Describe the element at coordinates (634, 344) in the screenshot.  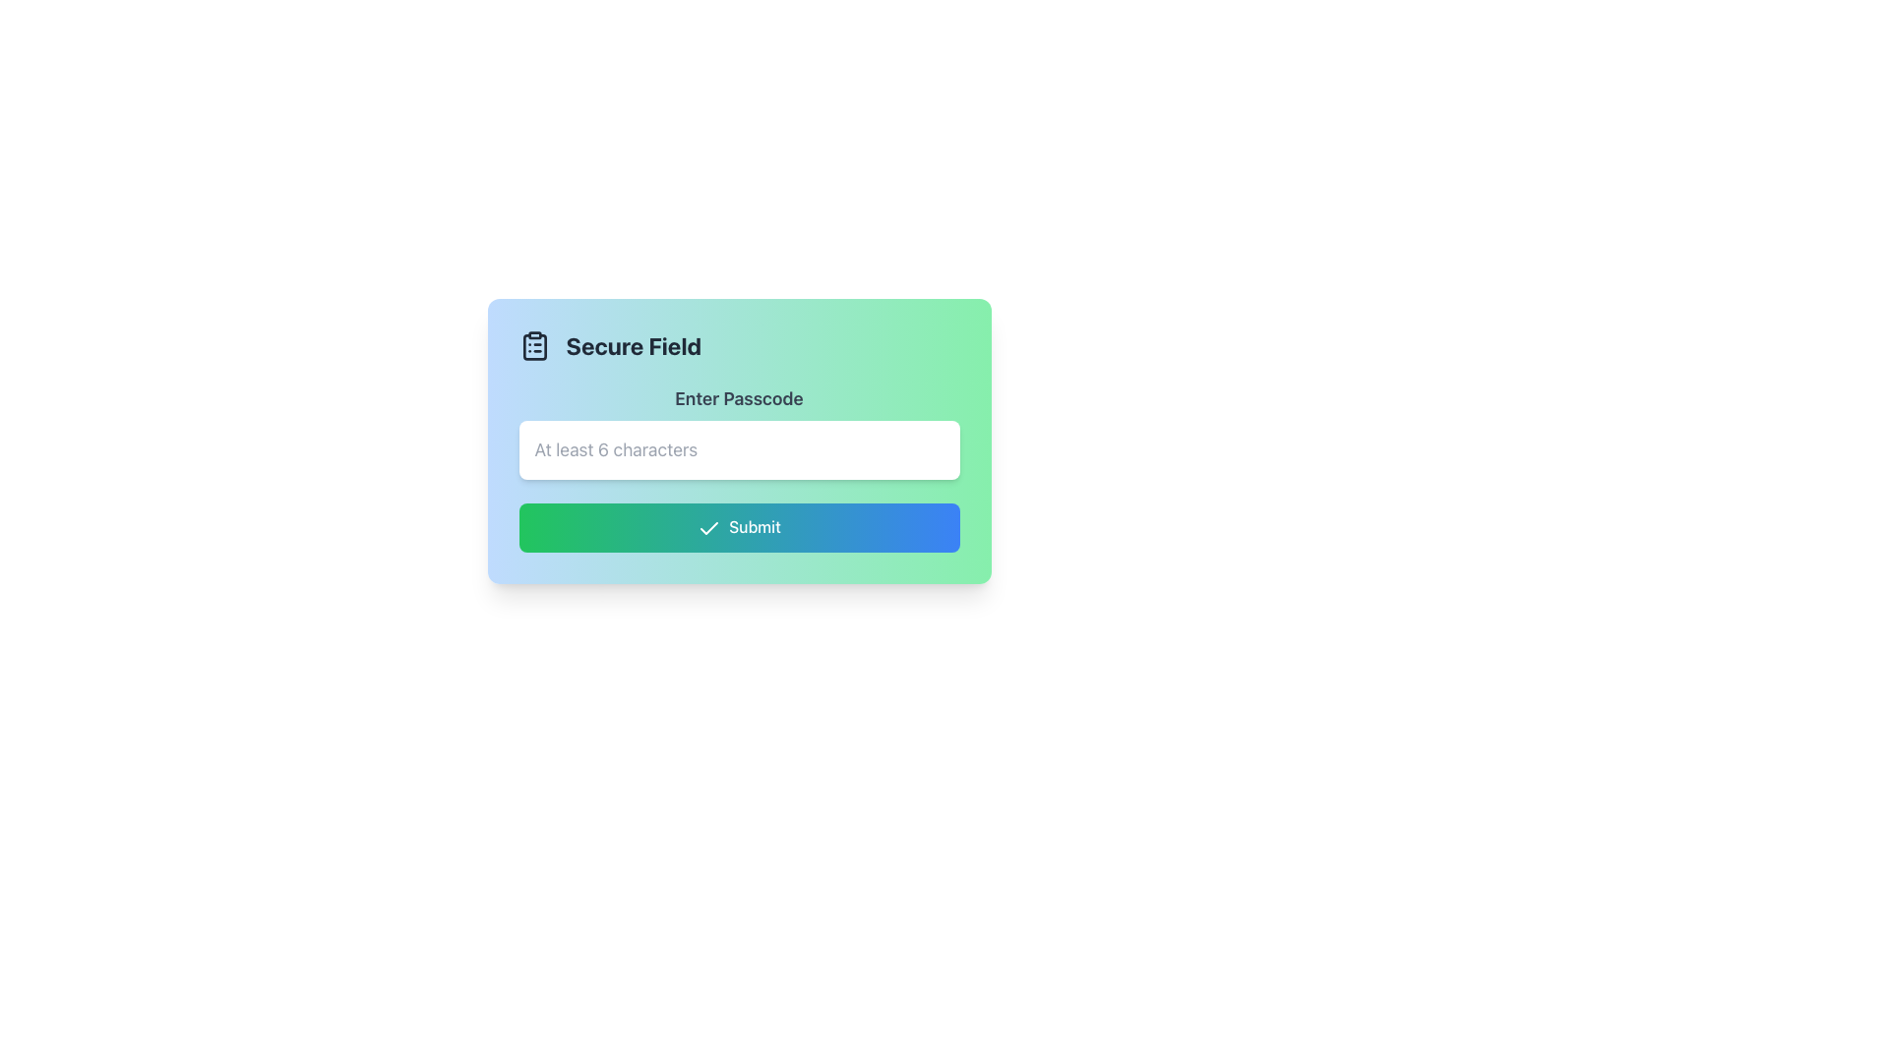
I see `the bold text label displaying 'Secure Field', which is prominently styled in a large dark gray font and located near the top-left of a content card` at that location.